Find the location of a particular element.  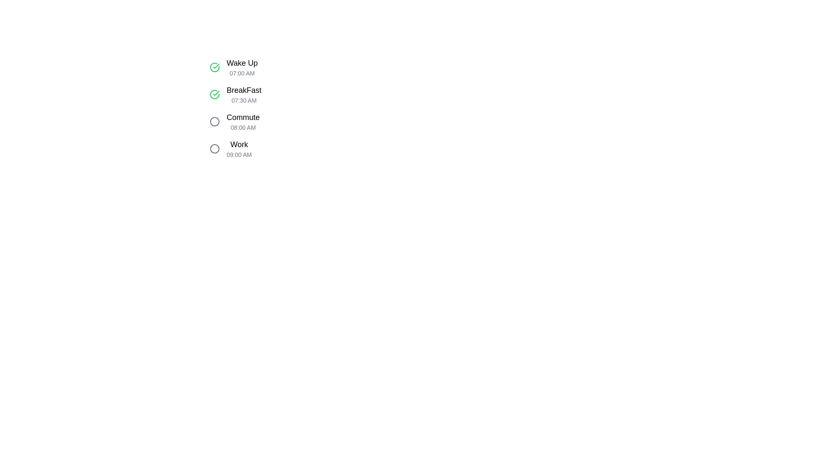

the text label displaying the time associated with the 'Wake Up' task, which is located beneath the 'Wake Up' label as the first time entry in the schedule is located at coordinates (242, 73).